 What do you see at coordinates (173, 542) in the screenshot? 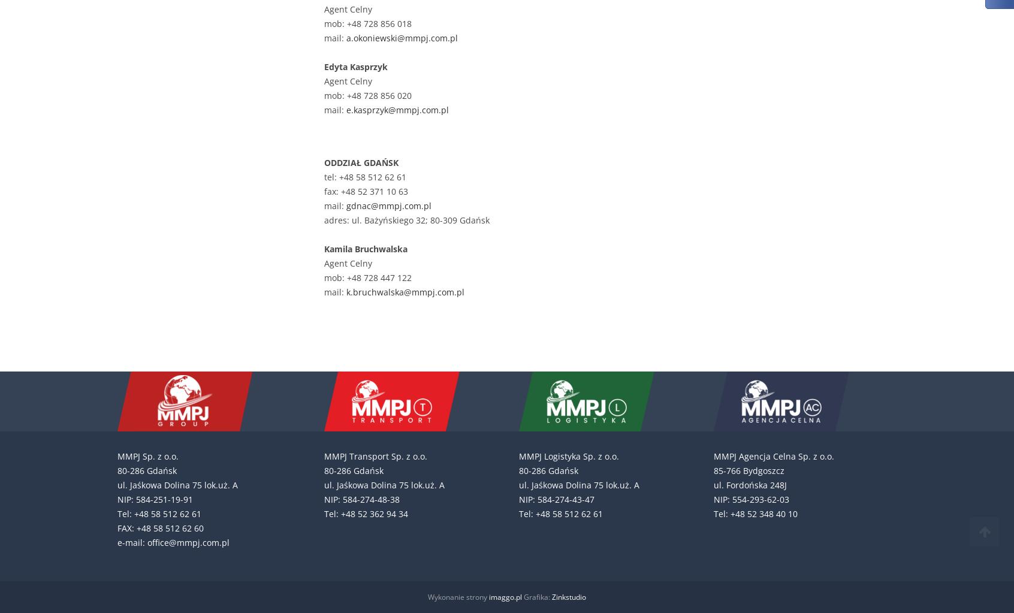
I see `'e-mail: office@mmpj.com.pl'` at bounding box center [173, 542].